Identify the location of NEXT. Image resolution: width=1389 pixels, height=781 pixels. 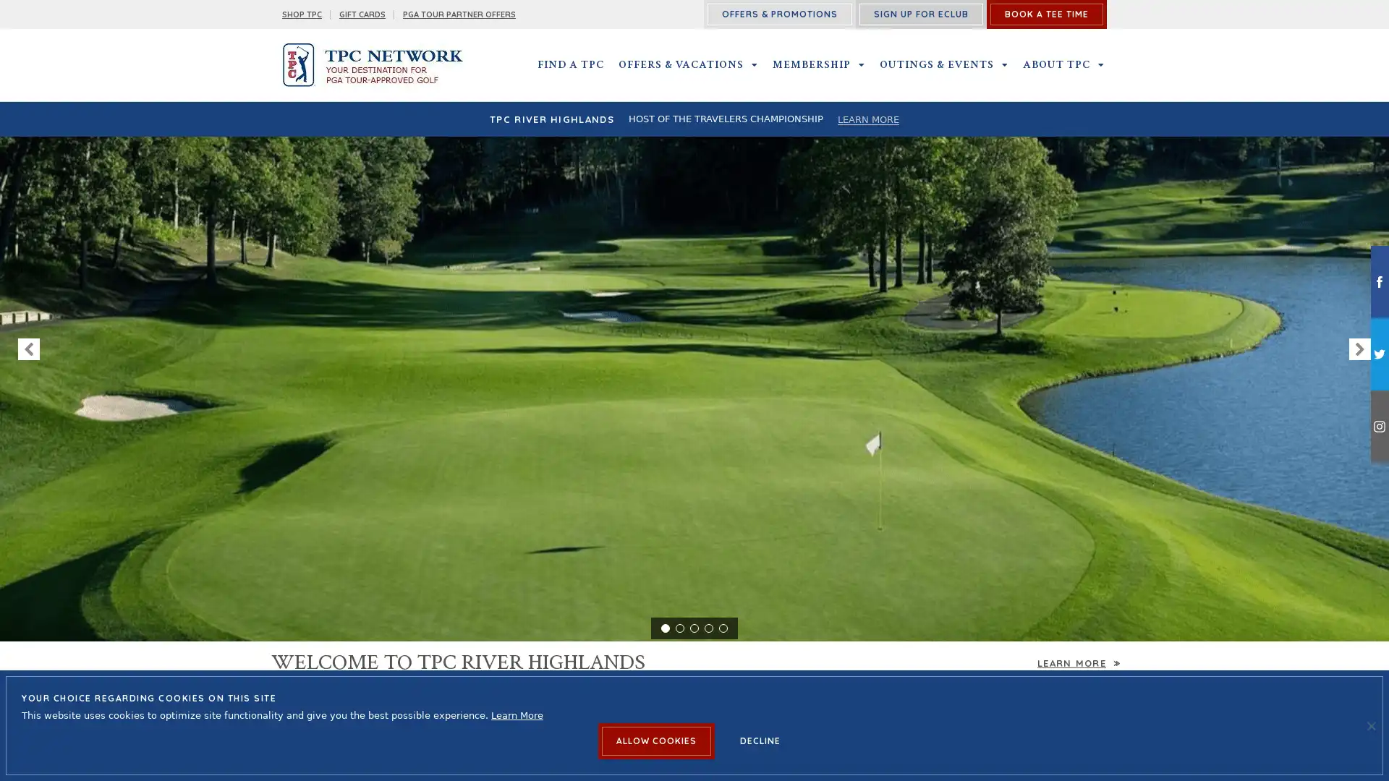
(1359, 349).